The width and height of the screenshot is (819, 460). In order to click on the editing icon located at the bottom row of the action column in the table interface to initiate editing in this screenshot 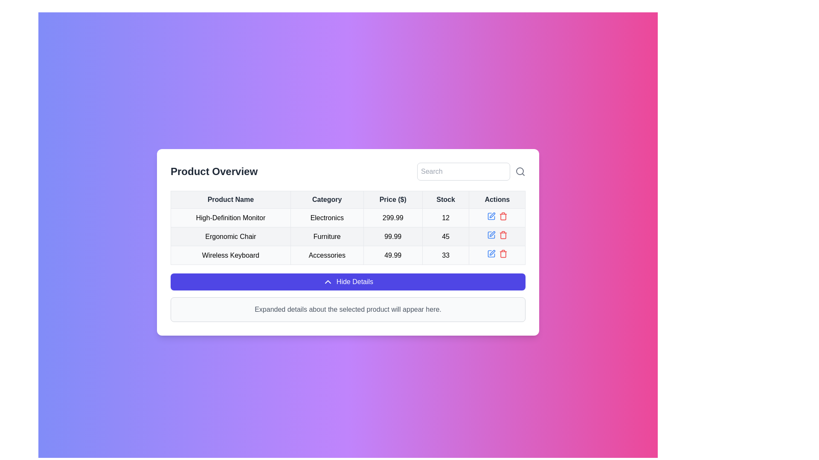, I will do `click(492, 252)`.